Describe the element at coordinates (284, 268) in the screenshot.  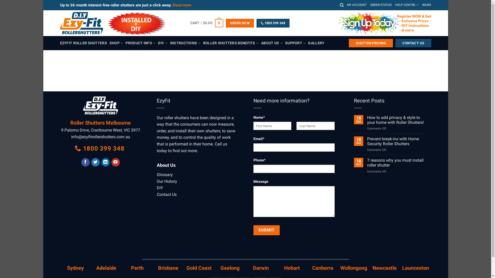
I see `'Hobart'` at that location.